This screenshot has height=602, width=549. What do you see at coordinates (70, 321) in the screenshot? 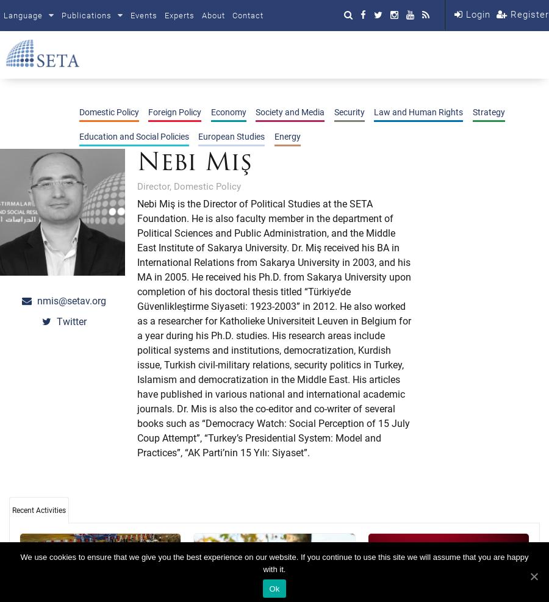
I see `'Twitter'` at bounding box center [70, 321].